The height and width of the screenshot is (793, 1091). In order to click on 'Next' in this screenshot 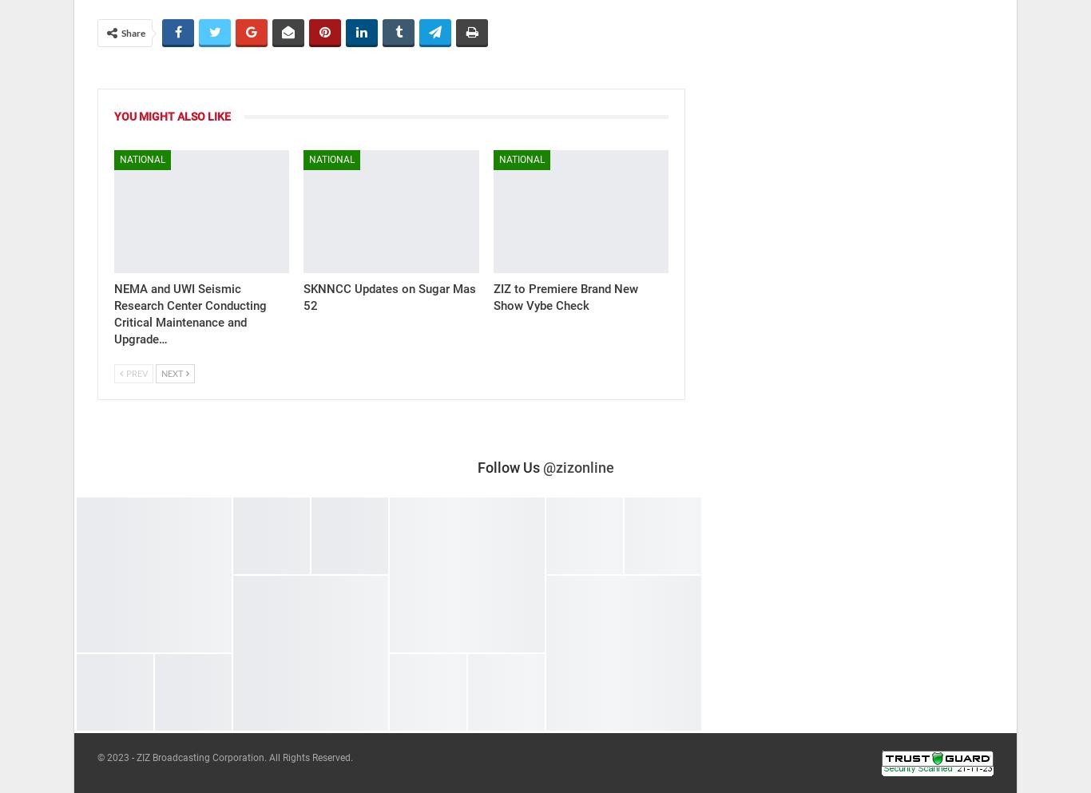, I will do `click(172, 371)`.